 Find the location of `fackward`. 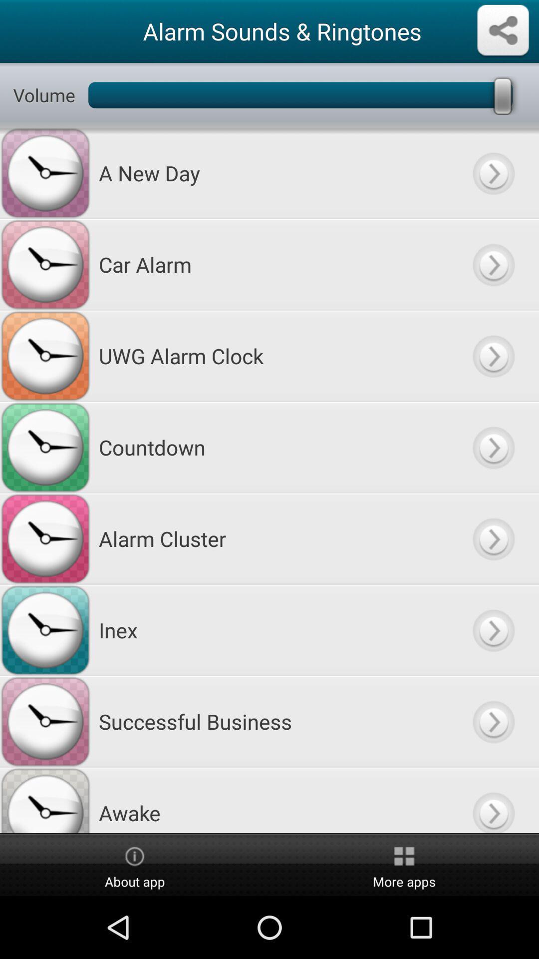

fackward is located at coordinates (493, 538).